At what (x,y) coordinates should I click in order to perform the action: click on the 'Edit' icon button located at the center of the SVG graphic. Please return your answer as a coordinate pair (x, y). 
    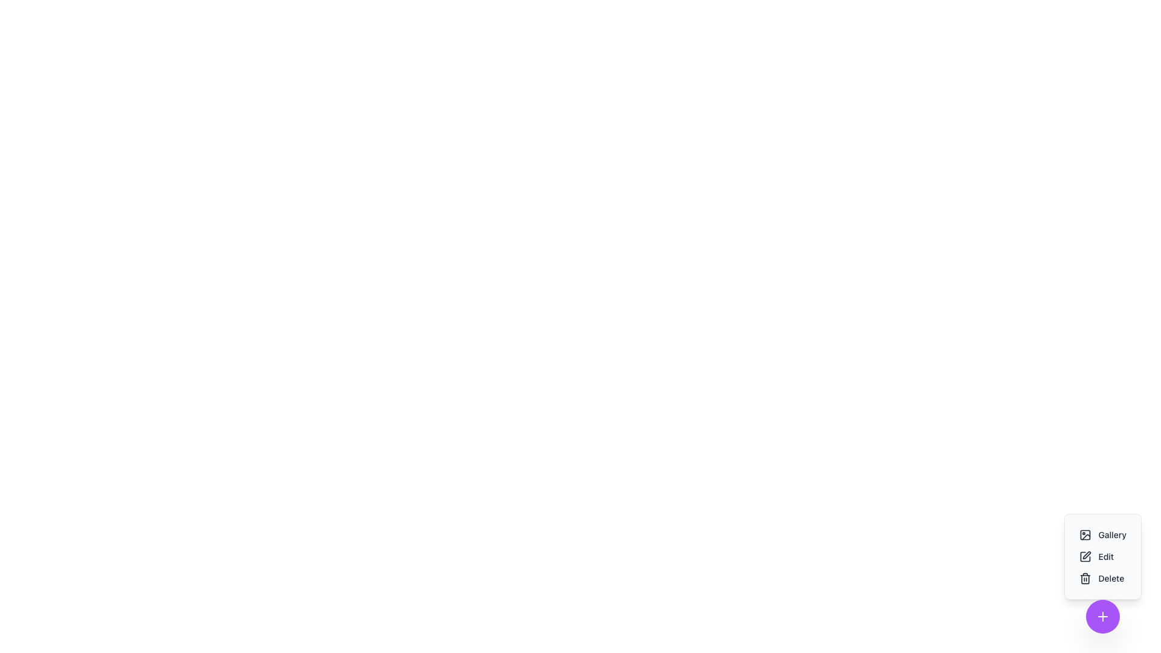
    Looking at the image, I should click on (1086, 555).